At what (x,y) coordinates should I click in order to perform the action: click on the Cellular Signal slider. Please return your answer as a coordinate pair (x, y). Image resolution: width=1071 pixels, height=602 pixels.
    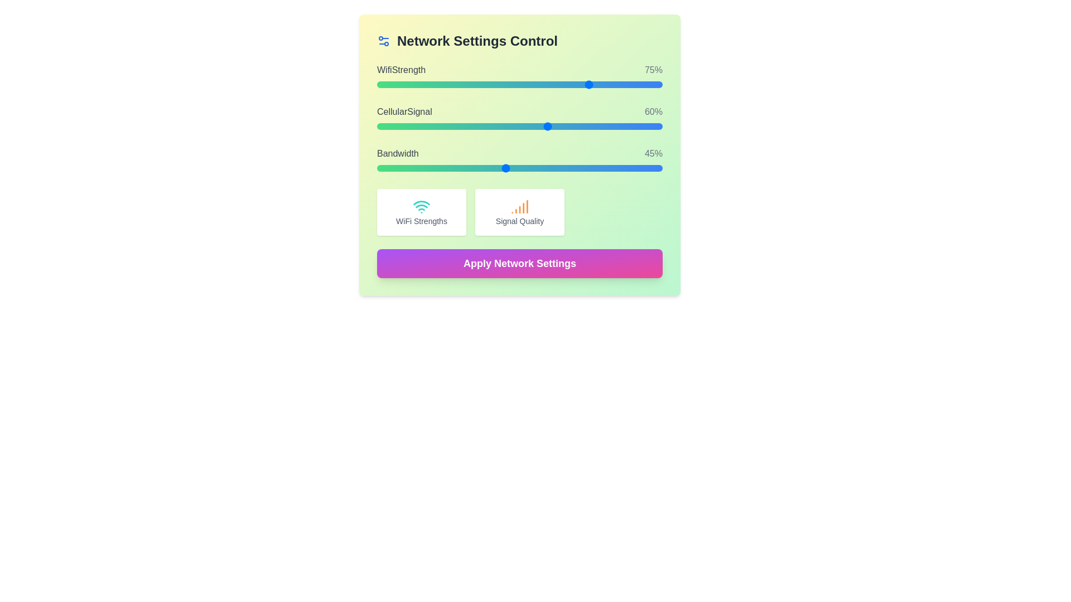
    Looking at the image, I should click on (397, 126).